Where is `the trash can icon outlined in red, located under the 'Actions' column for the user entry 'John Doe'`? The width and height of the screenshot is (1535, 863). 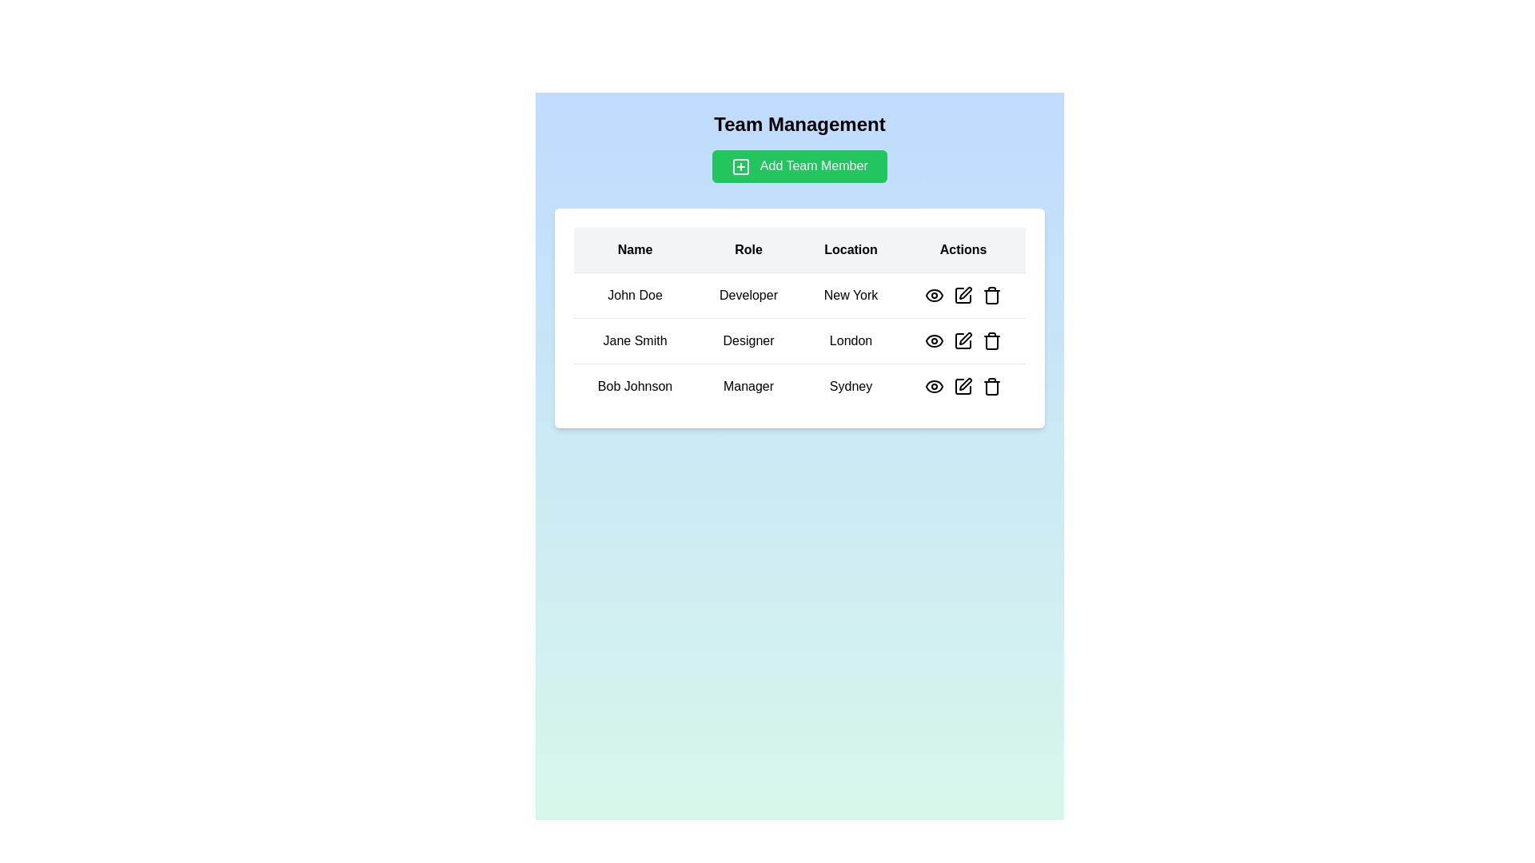 the trash can icon outlined in red, located under the 'Actions' column for the user entry 'John Doe' is located at coordinates (991, 296).